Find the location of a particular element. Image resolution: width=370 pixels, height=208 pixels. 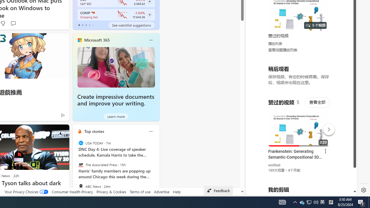

'Class: icon-img' is located at coordinates (151, 131).